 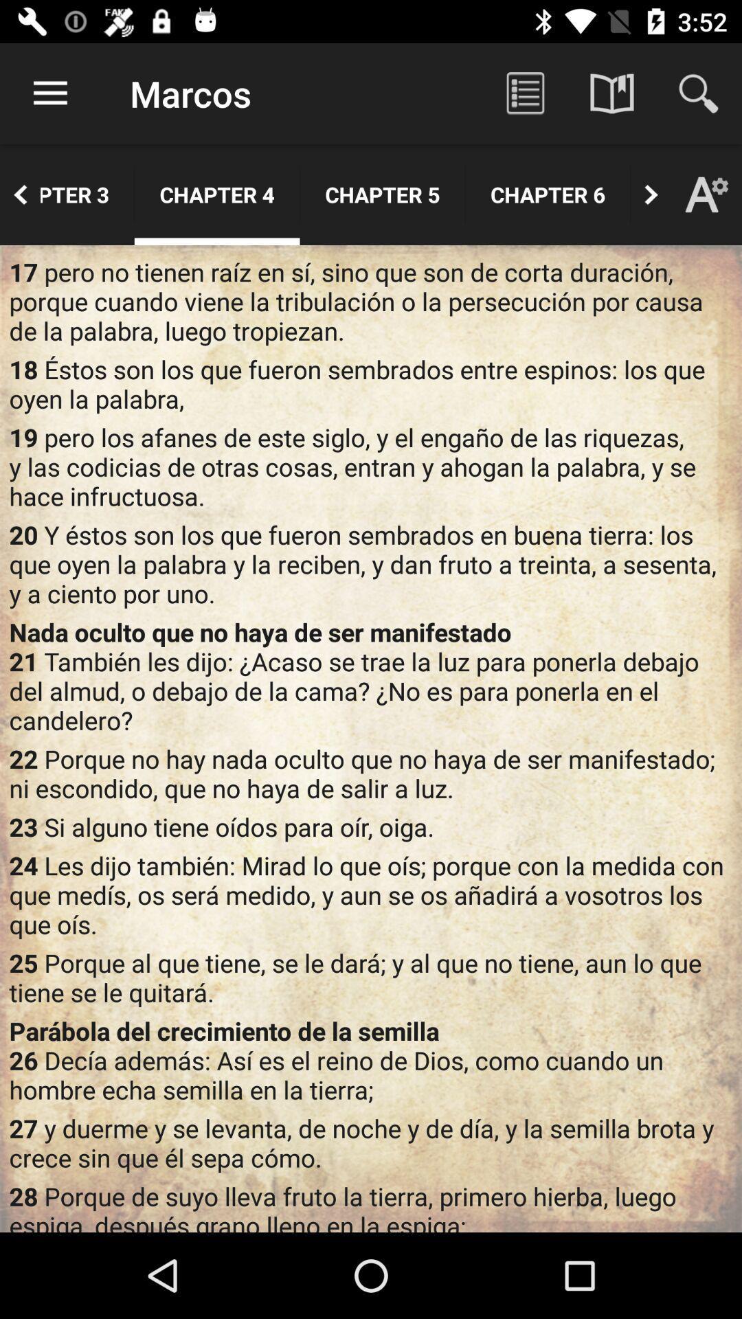 What do you see at coordinates (371, 564) in the screenshot?
I see `the item above the nada oculto que` at bounding box center [371, 564].